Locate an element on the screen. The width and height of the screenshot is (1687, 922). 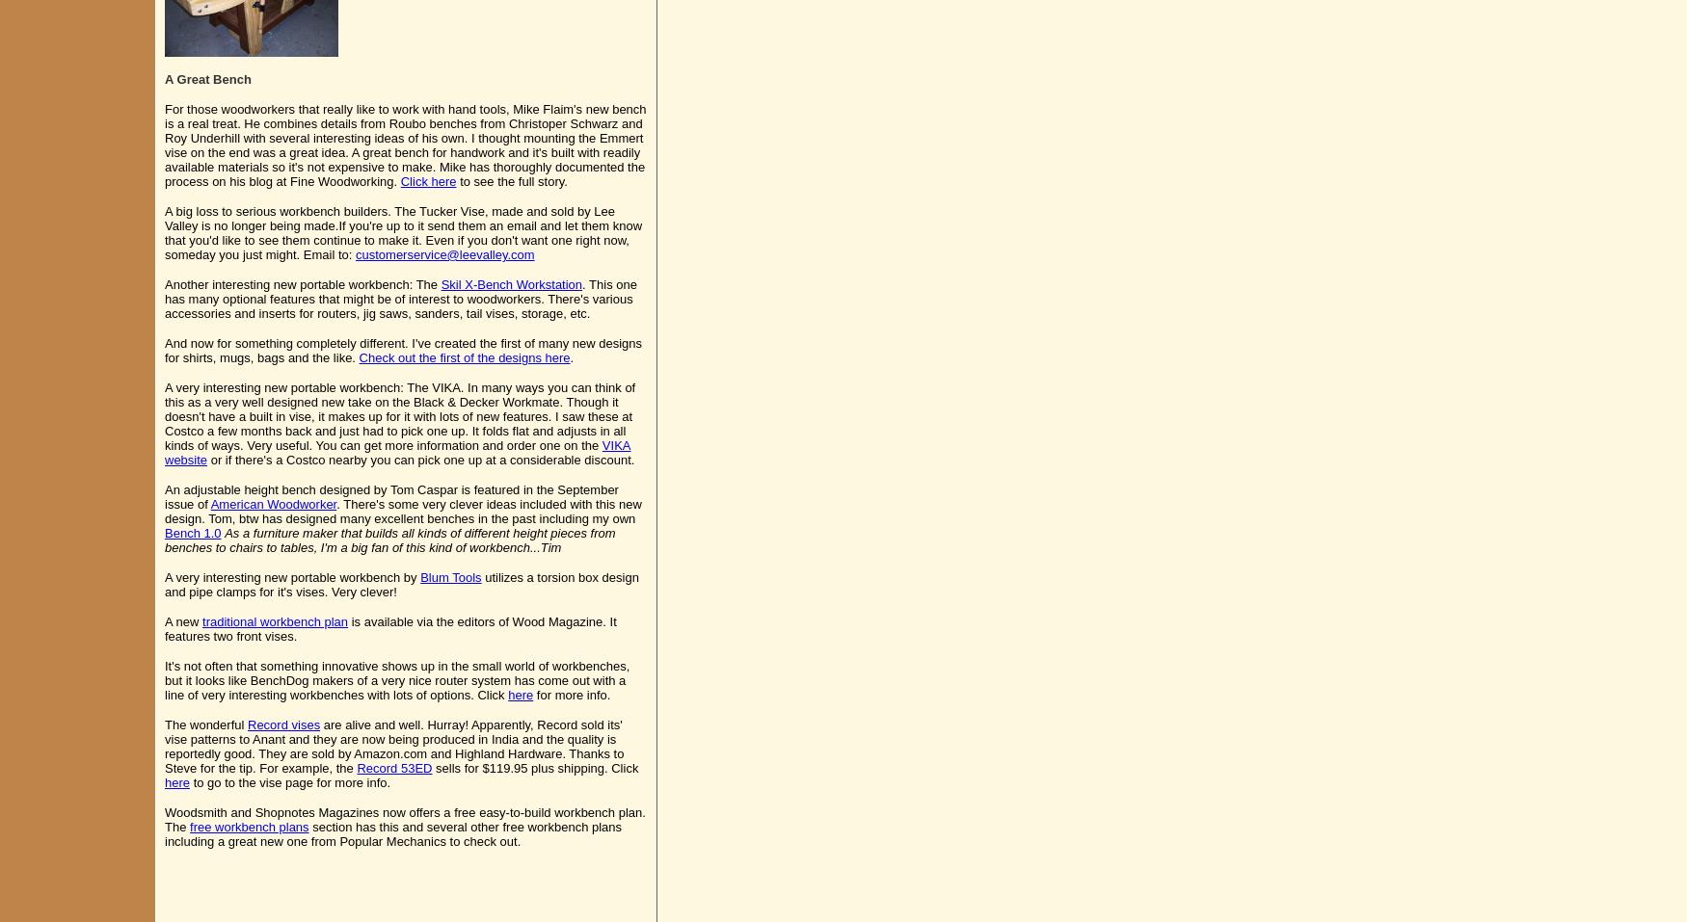
'VIKA website' is located at coordinates (396, 451).